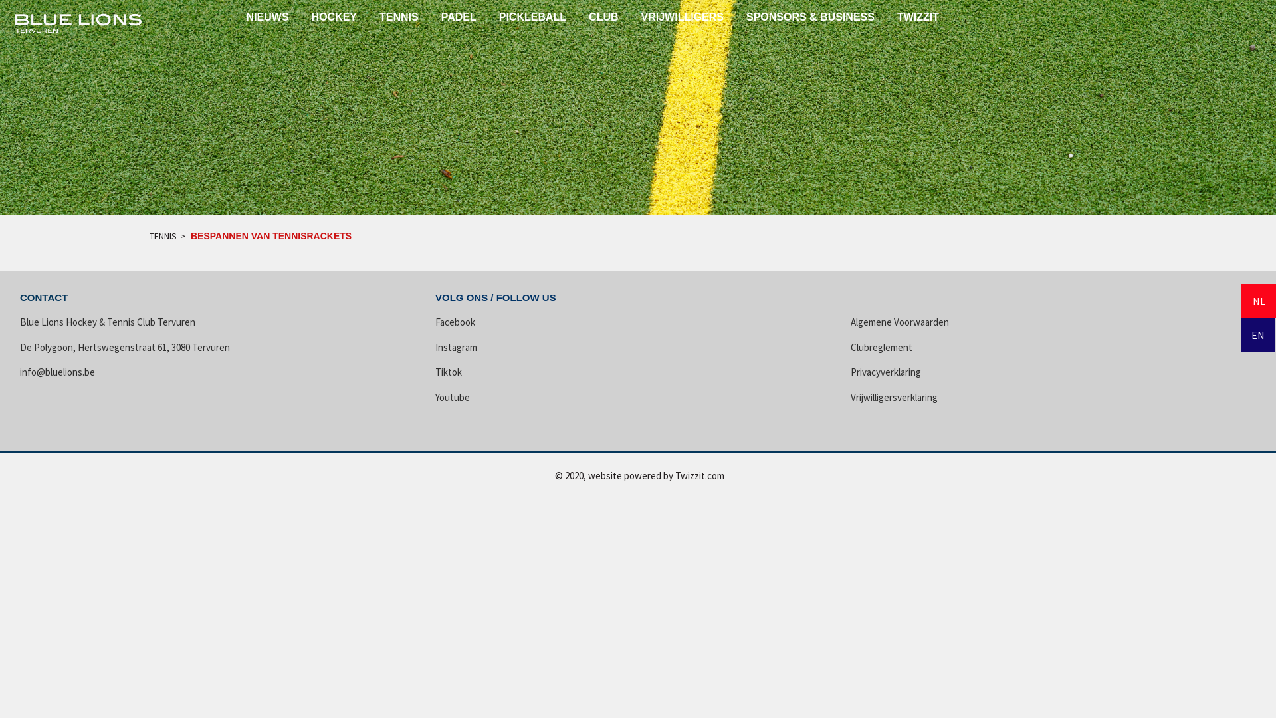  I want to click on 'Clubreglement', so click(881, 346).